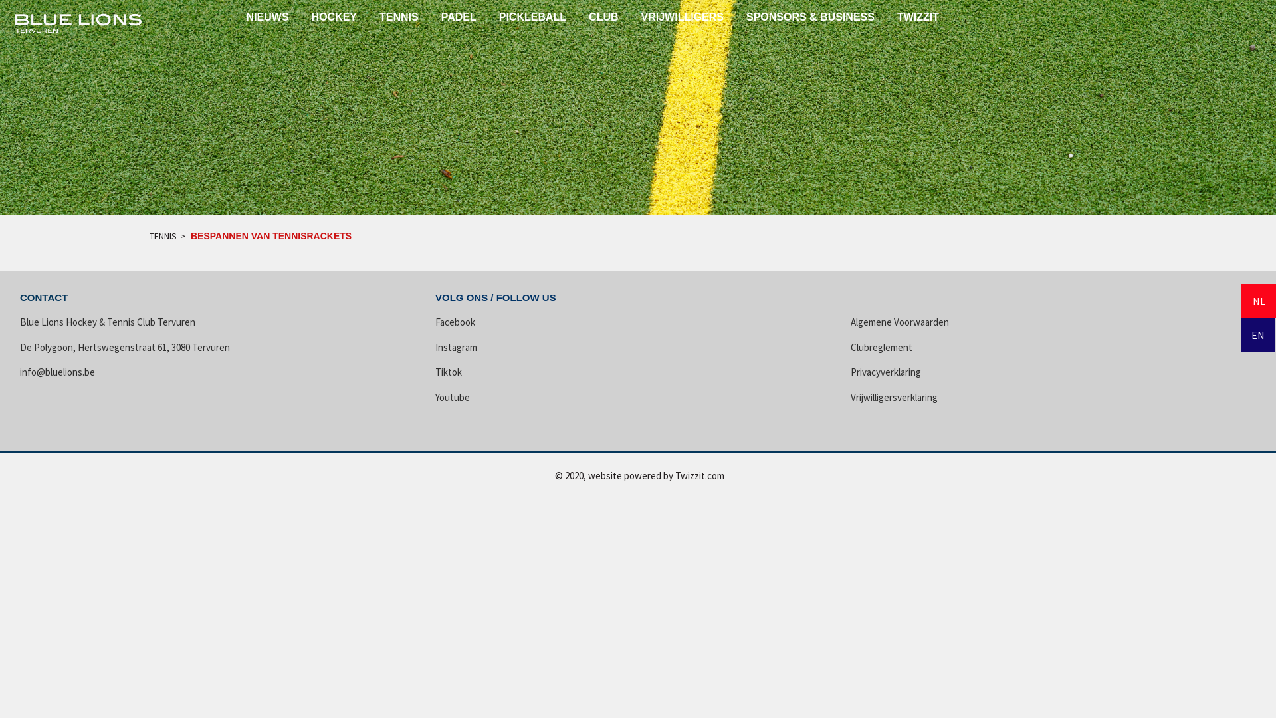  I want to click on 'Clubreglement', so click(881, 346).